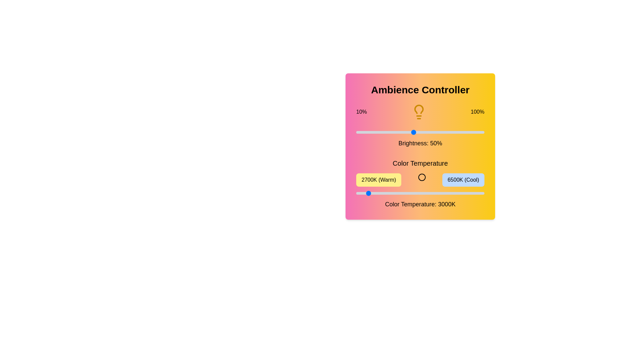  I want to click on the color temperature slider to 2830 K, so click(360, 193).